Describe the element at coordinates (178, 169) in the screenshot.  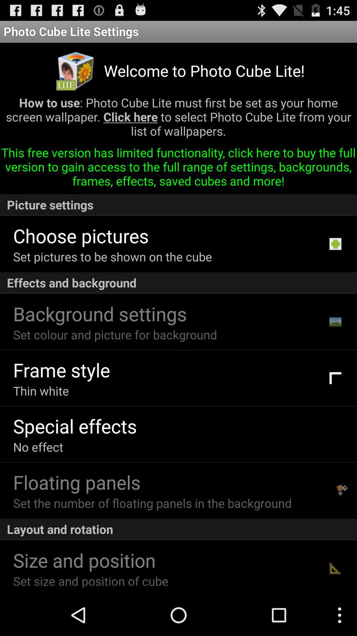
I see `the this free version icon` at that location.